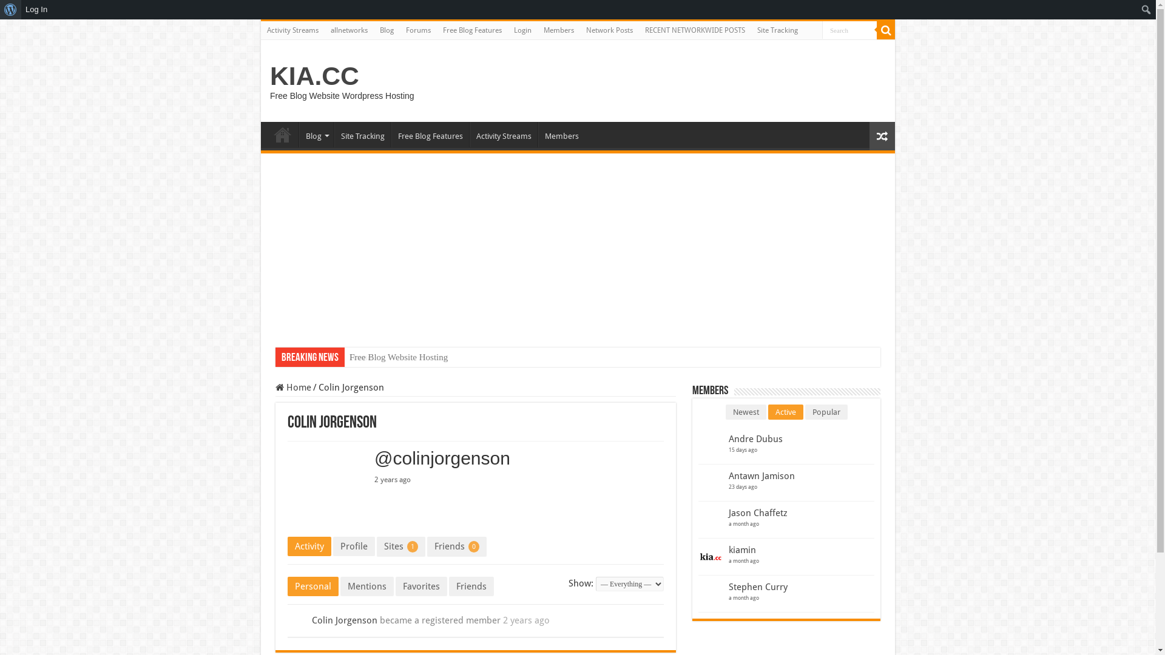 Image resolution: width=1165 pixels, height=655 pixels. I want to click on 'KIA.CC', so click(314, 75).